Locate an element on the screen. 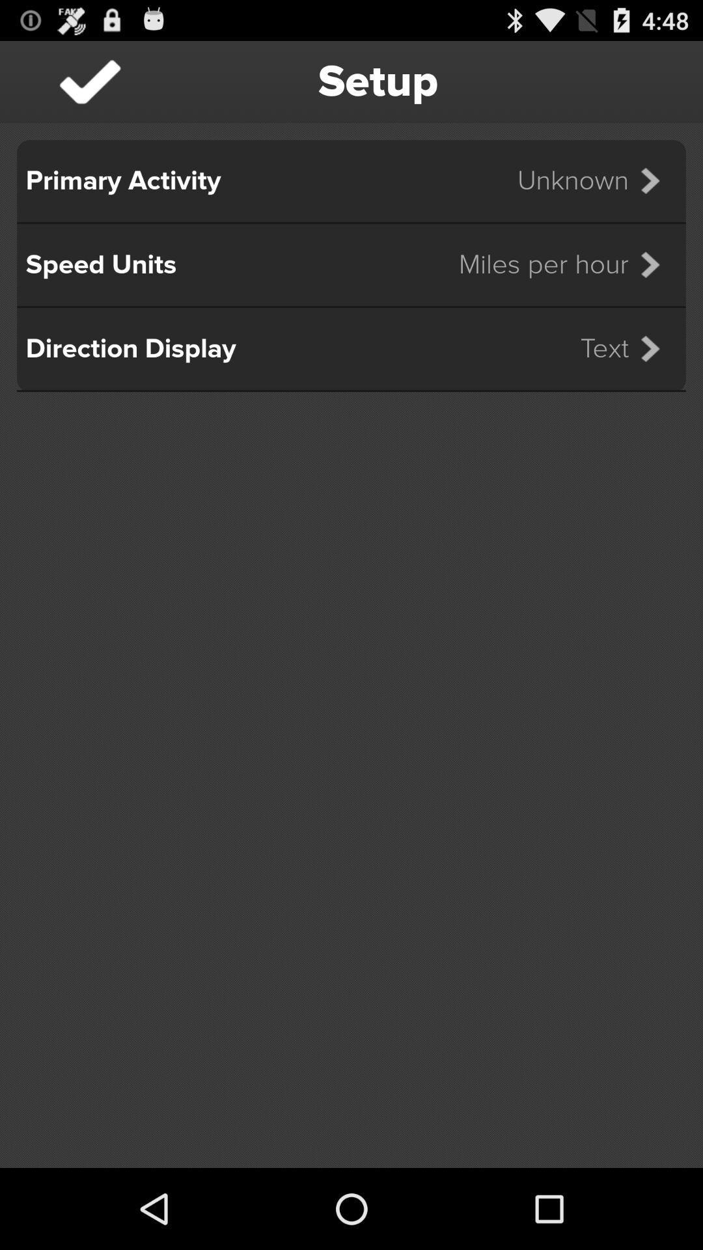 This screenshot has height=1250, width=703. the icon below setup item is located at coordinates (597, 180).